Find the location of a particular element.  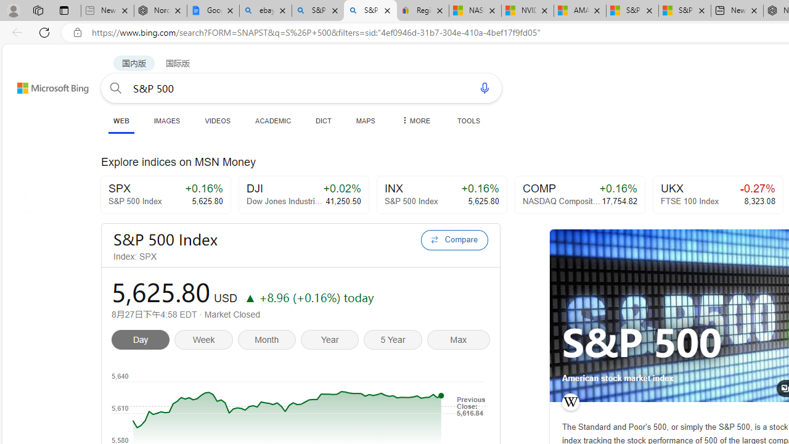

'MAPS' is located at coordinates (365, 120).